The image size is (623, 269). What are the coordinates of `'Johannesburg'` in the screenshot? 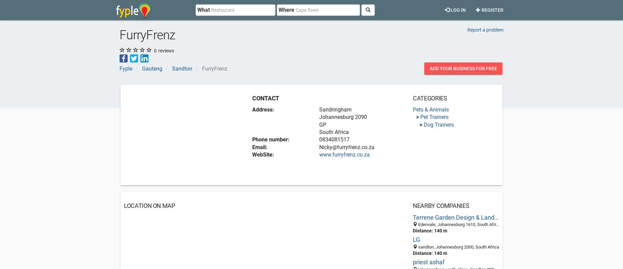 It's located at (336, 117).